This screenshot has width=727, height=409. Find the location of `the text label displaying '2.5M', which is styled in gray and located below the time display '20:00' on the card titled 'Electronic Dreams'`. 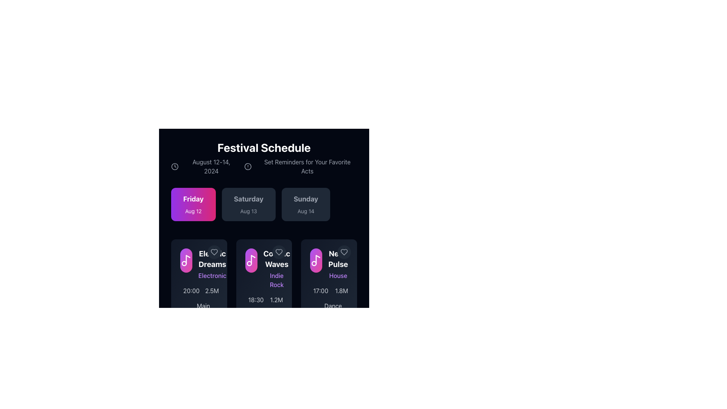

the text label displaying '2.5M', which is styled in gray and located below the time display '20:00' on the card titled 'Electronic Dreams' is located at coordinates (210, 290).